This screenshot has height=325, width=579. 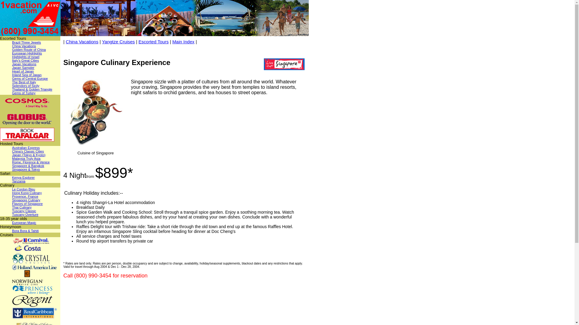 What do you see at coordinates (24, 211) in the screenshot?
I see `'Tuscany Classic'` at bounding box center [24, 211].